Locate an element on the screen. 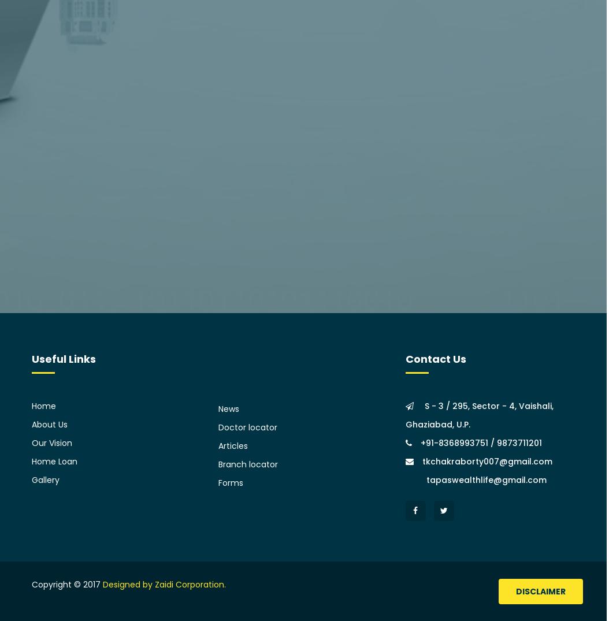 This screenshot has height=621, width=609. 'Gallery' is located at coordinates (45, 479).